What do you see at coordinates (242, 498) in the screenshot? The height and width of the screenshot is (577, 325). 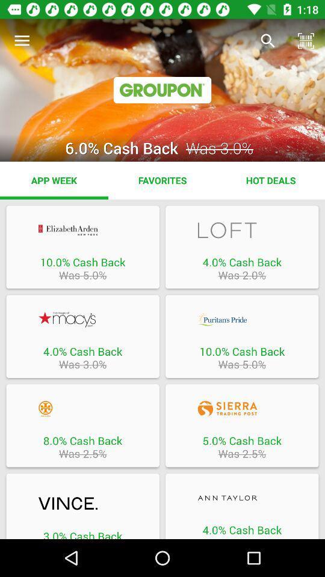 I see `ann taylor groupon` at bounding box center [242, 498].